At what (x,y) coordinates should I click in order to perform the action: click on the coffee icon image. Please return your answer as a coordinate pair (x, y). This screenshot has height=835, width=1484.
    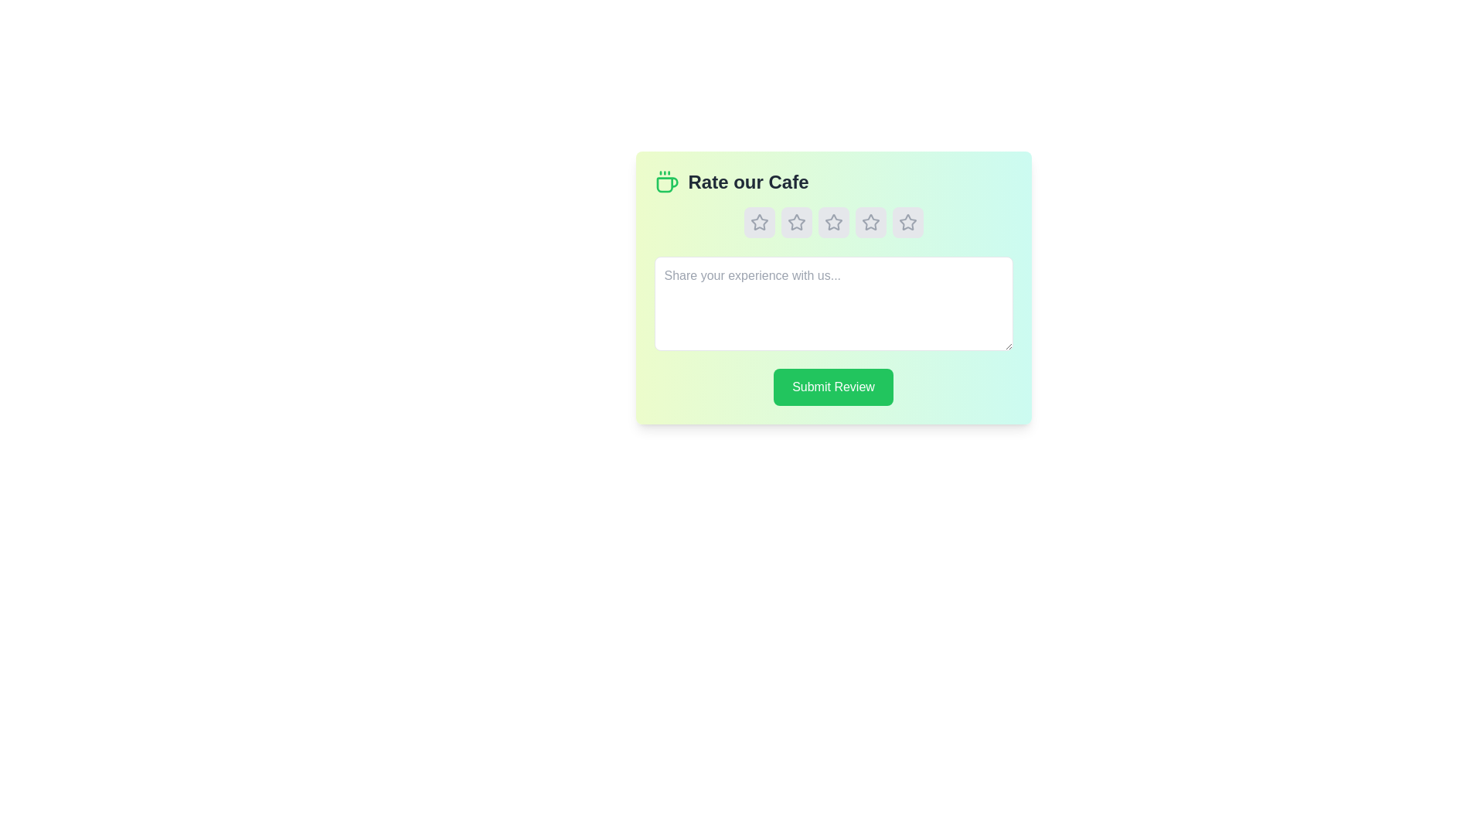
    Looking at the image, I should click on (666, 181).